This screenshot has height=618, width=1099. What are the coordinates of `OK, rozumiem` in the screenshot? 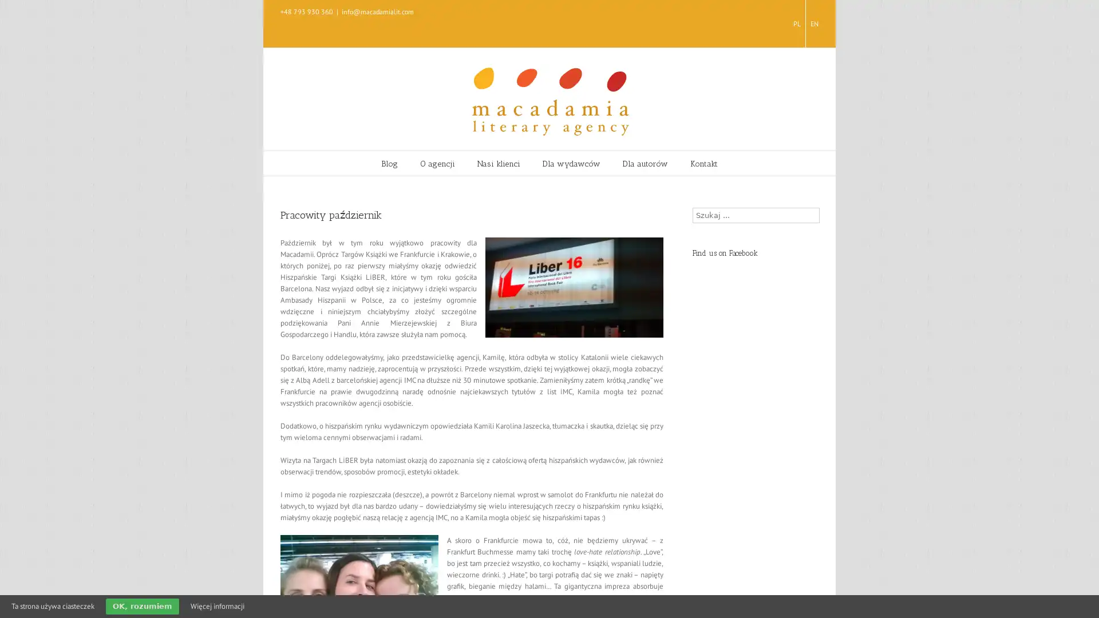 It's located at (142, 606).